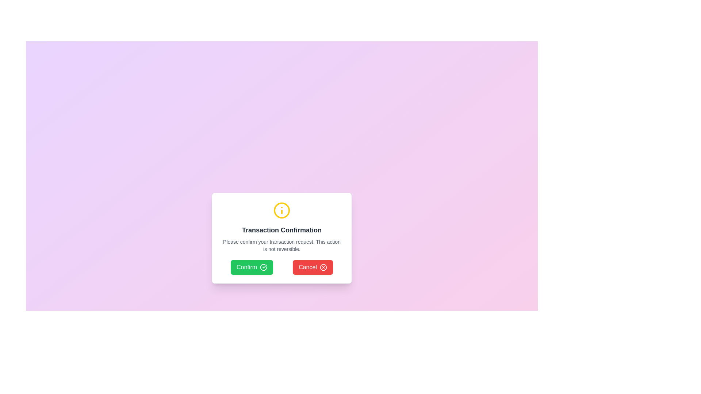 This screenshot has height=394, width=701. I want to click on the non-interactive message informing the user about the irreversibility of the requested transaction, located in the 'Transaction Confirmation' dialog window, so click(281, 245).